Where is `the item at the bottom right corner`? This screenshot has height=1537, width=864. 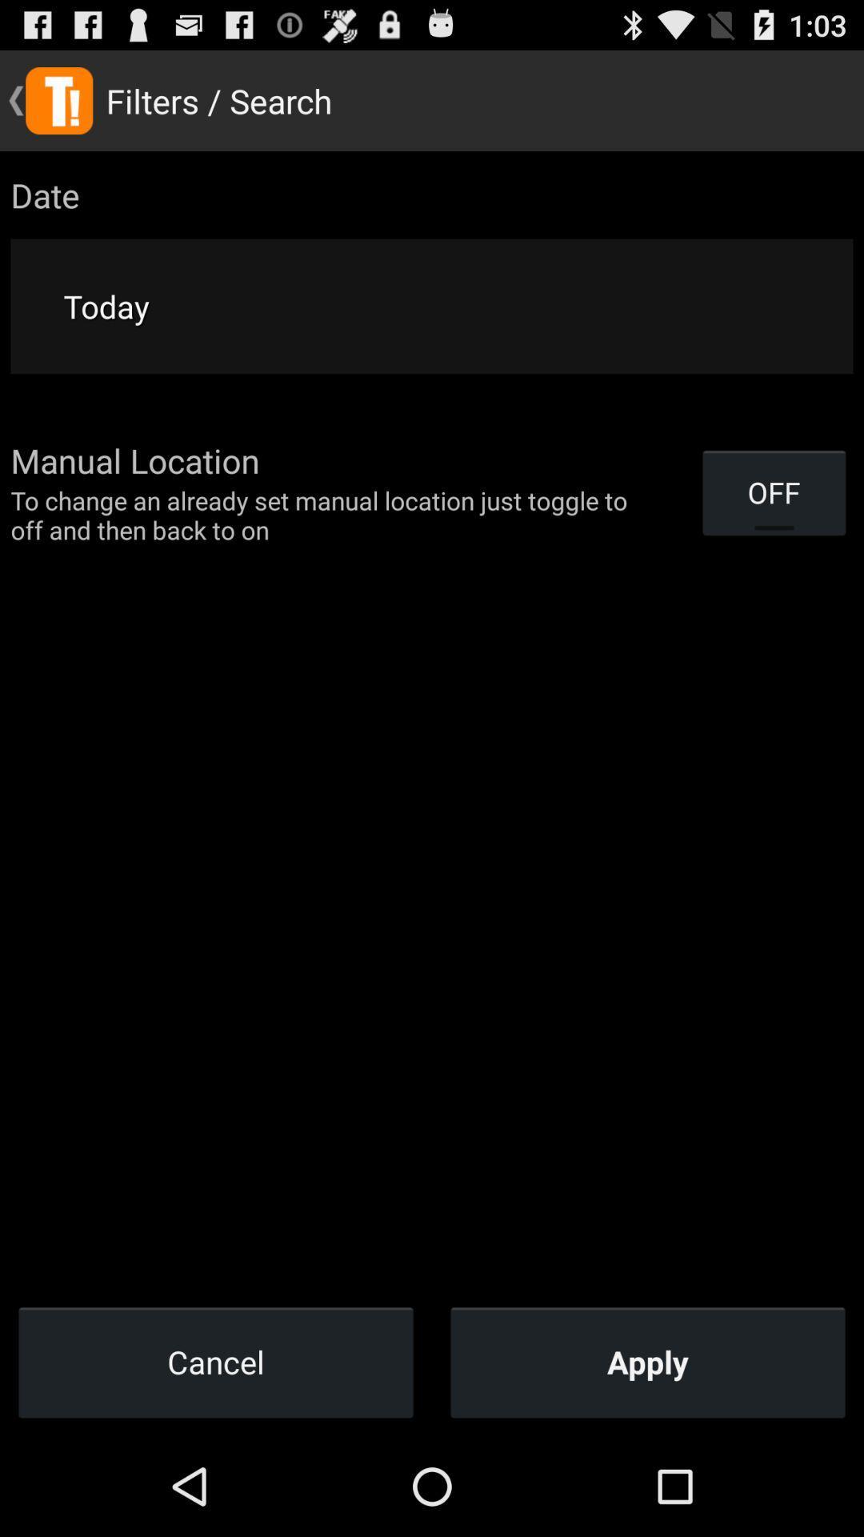
the item at the bottom right corner is located at coordinates (648, 1361).